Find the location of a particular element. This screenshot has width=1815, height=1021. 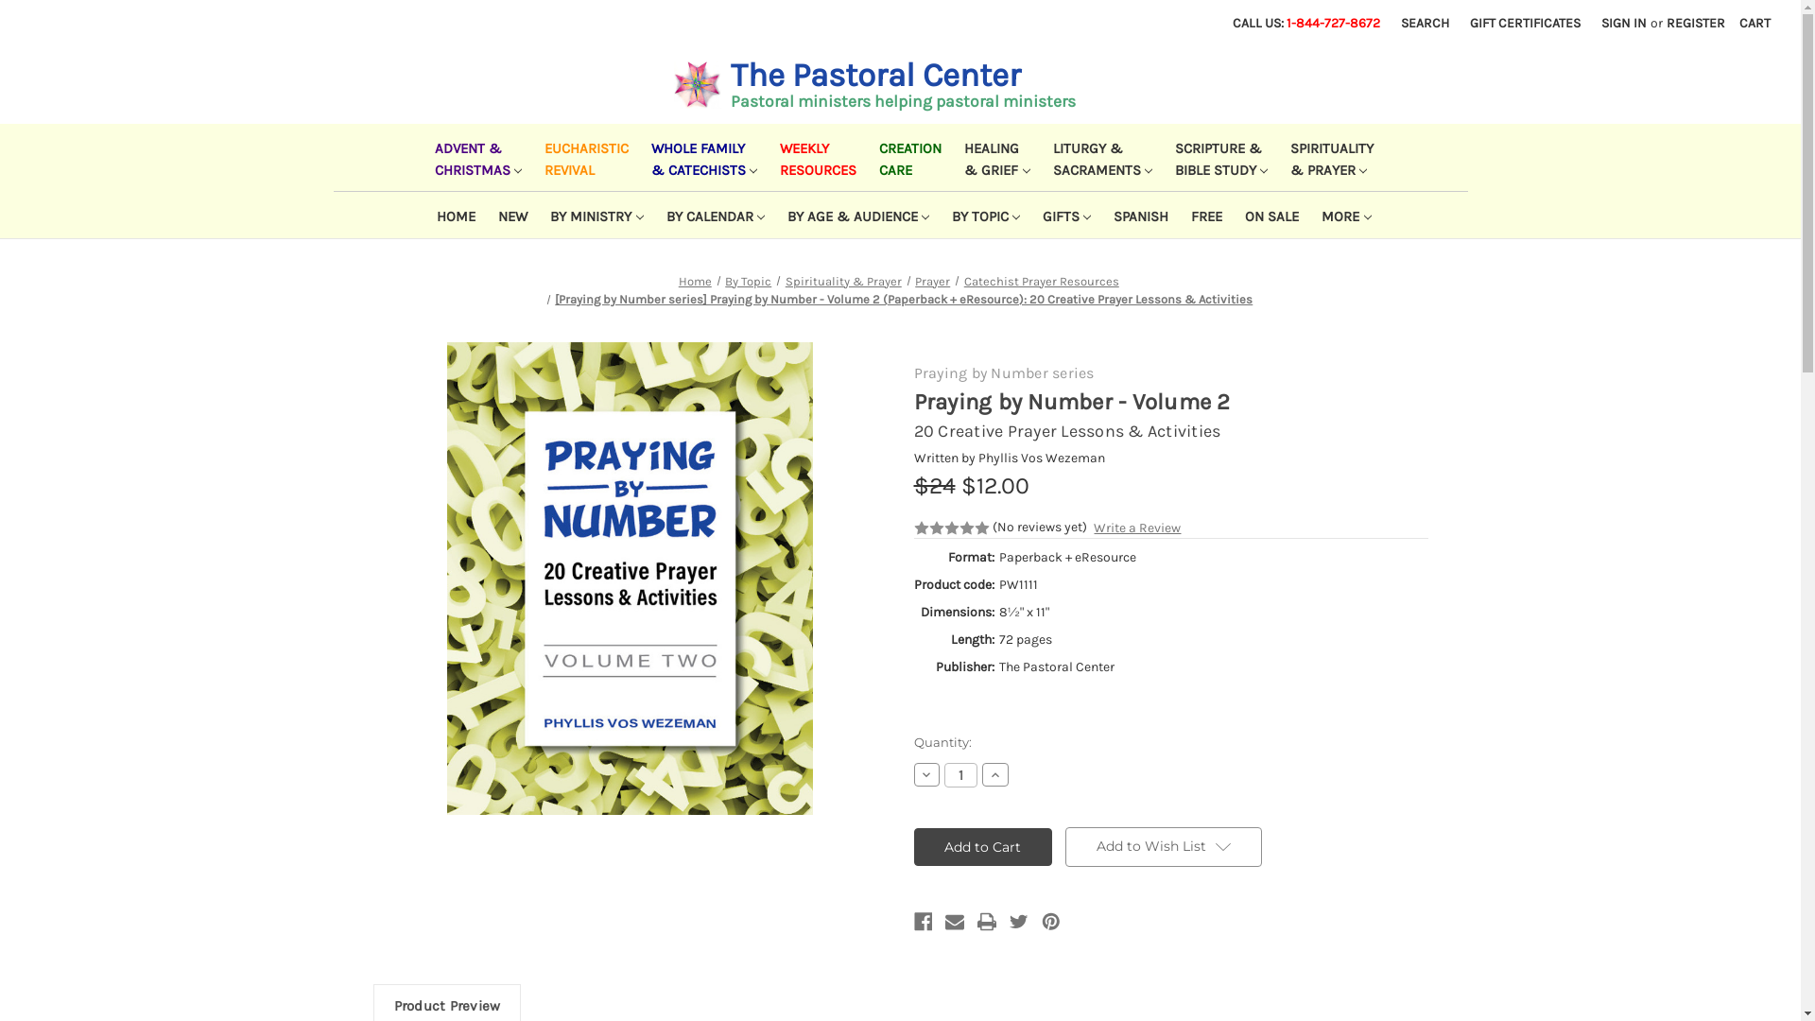

'Decrease Quantity:' is located at coordinates (912, 773).